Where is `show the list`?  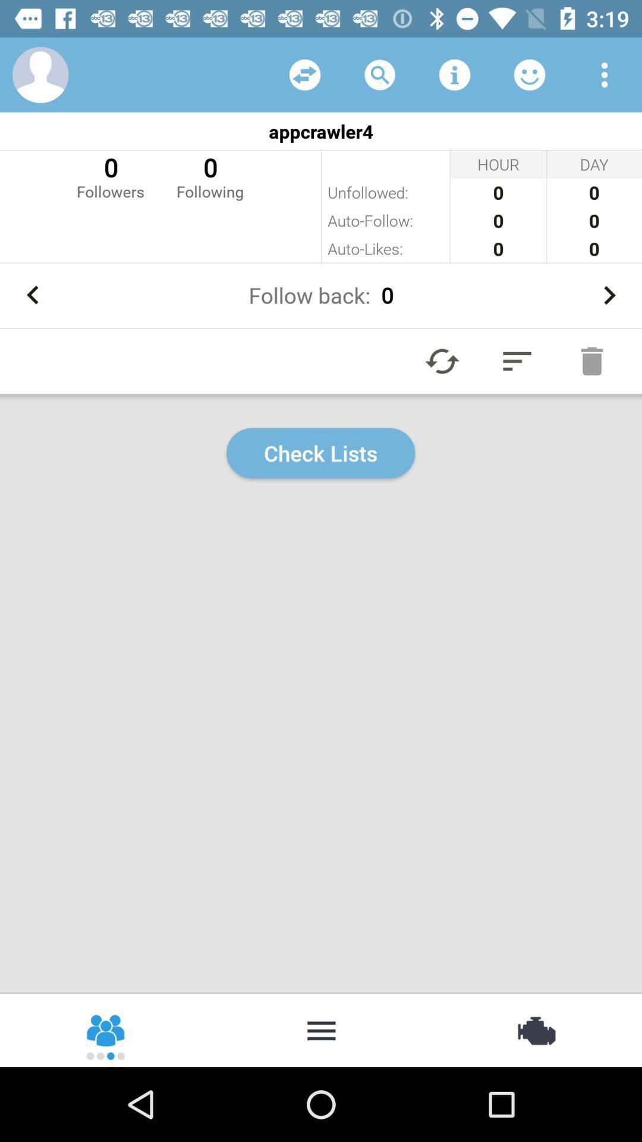
show the list is located at coordinates (321, 1029).